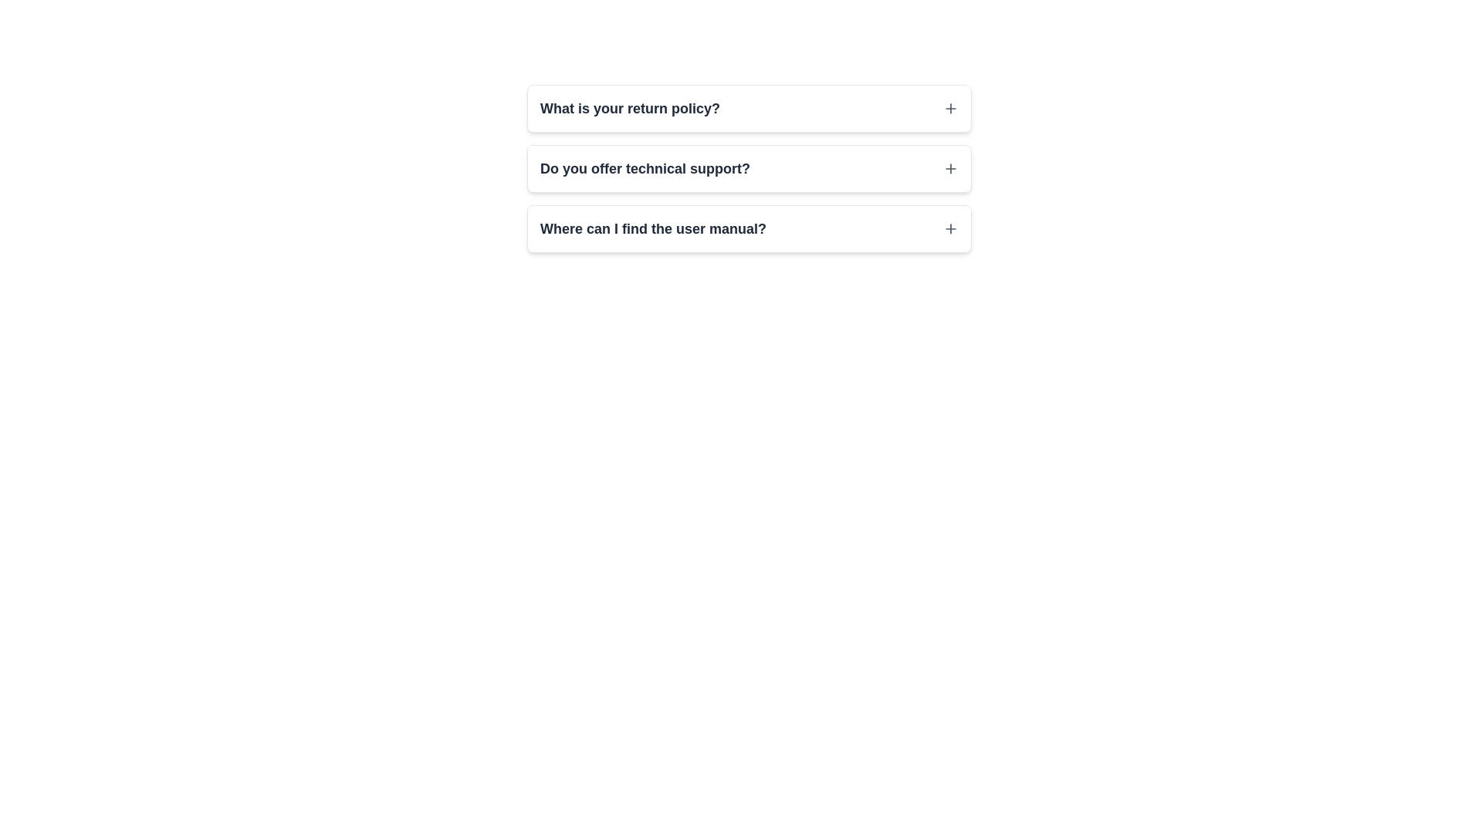 The height and width of the screenshot is (833, 1482). I want to click on the interactive button located at the far right of the 'What is your return policy?' question, so click(950, 108).